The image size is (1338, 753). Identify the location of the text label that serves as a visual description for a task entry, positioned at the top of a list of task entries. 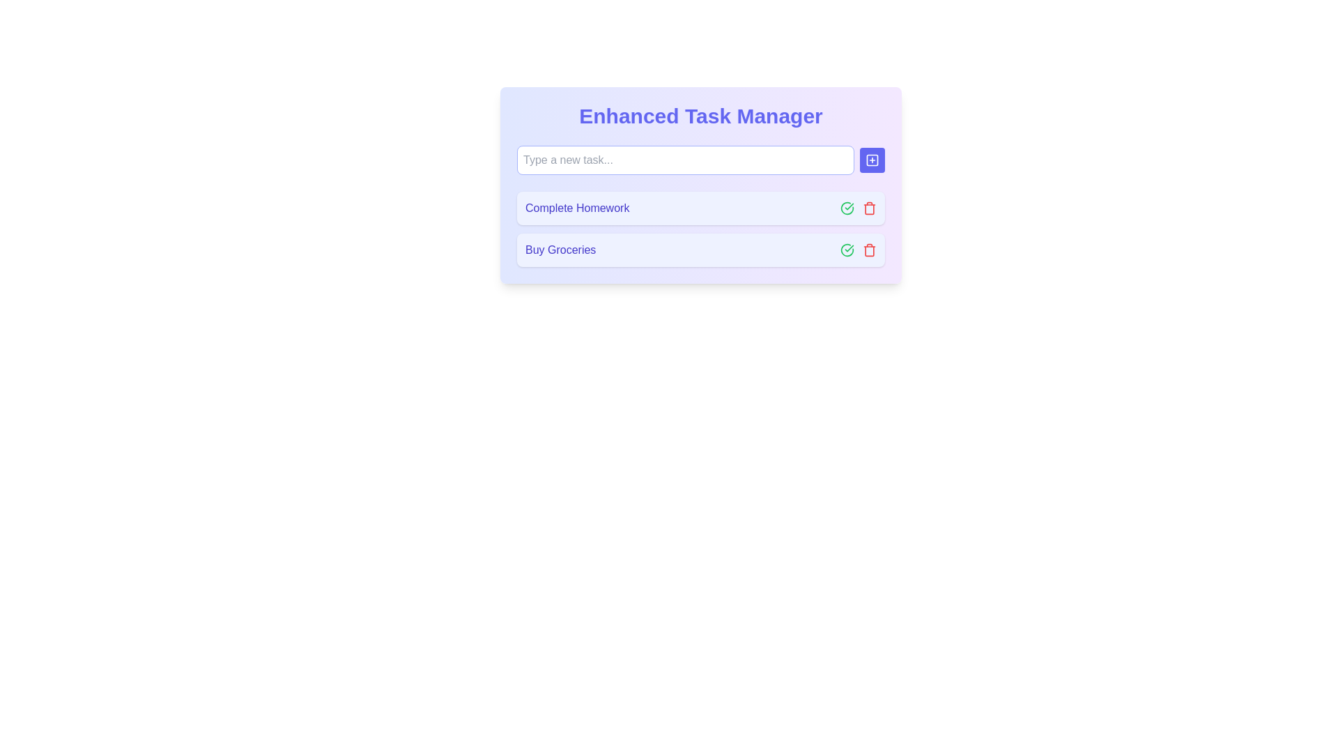
(577, 208).